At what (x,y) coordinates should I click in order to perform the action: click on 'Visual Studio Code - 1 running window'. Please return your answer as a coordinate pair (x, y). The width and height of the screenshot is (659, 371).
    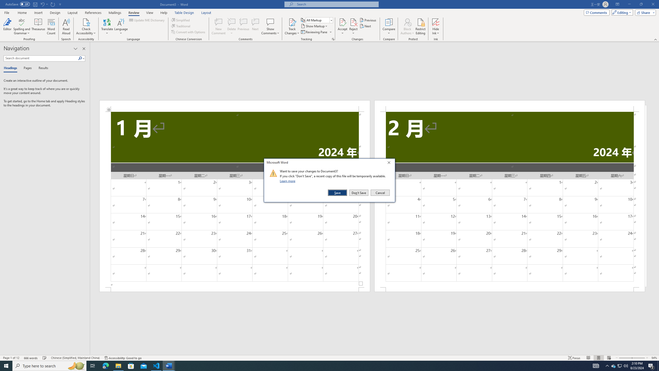
    Looking at the image, I should click on (156, 365).